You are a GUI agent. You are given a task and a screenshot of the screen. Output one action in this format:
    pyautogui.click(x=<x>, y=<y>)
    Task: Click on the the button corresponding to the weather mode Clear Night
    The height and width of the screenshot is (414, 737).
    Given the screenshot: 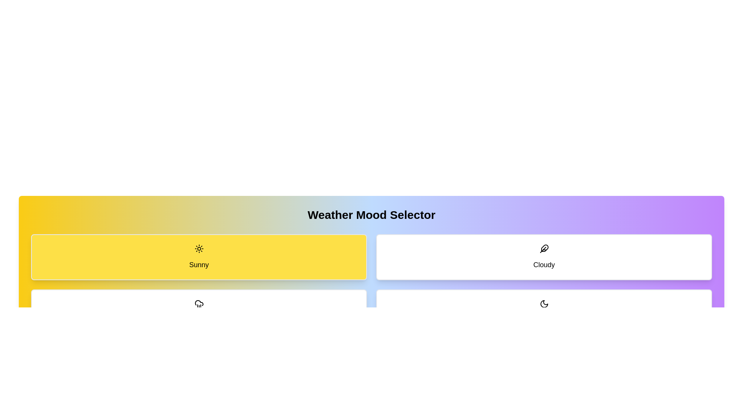 What is the action you would take?
    pyautogui.click(x=544, y=312)
    